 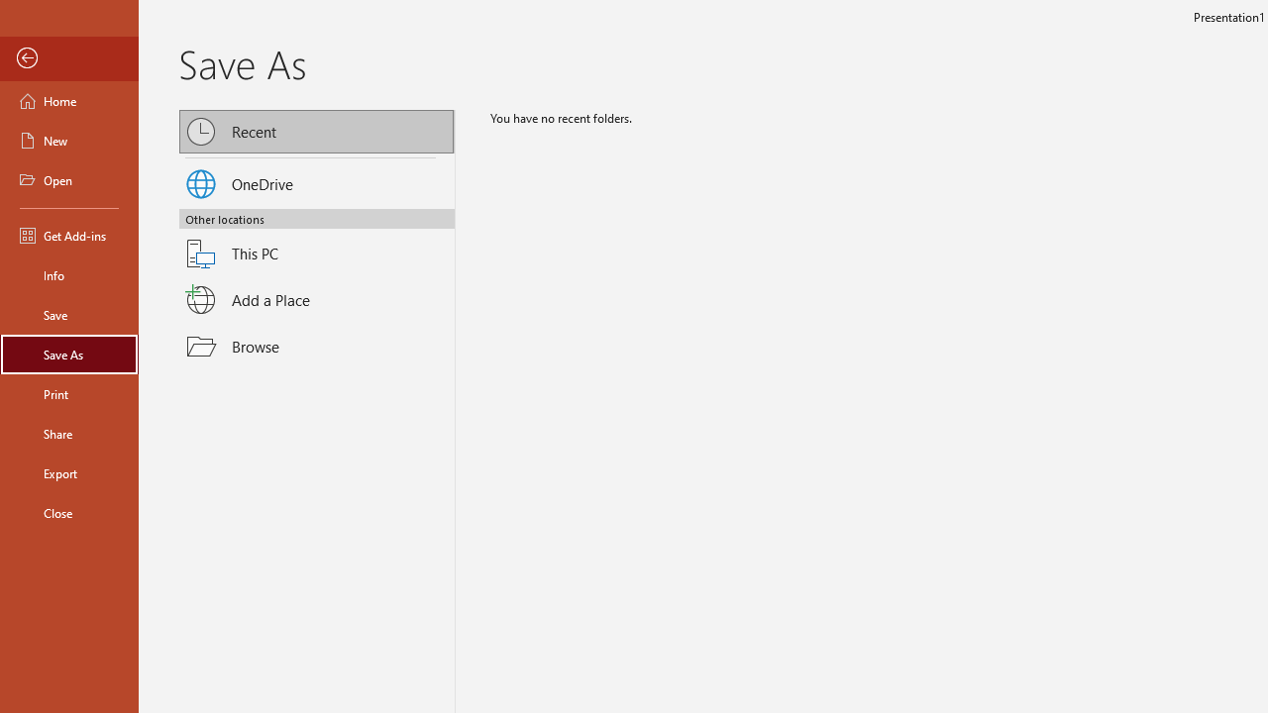 I want to click on 'New', so click(x=68, y=139).